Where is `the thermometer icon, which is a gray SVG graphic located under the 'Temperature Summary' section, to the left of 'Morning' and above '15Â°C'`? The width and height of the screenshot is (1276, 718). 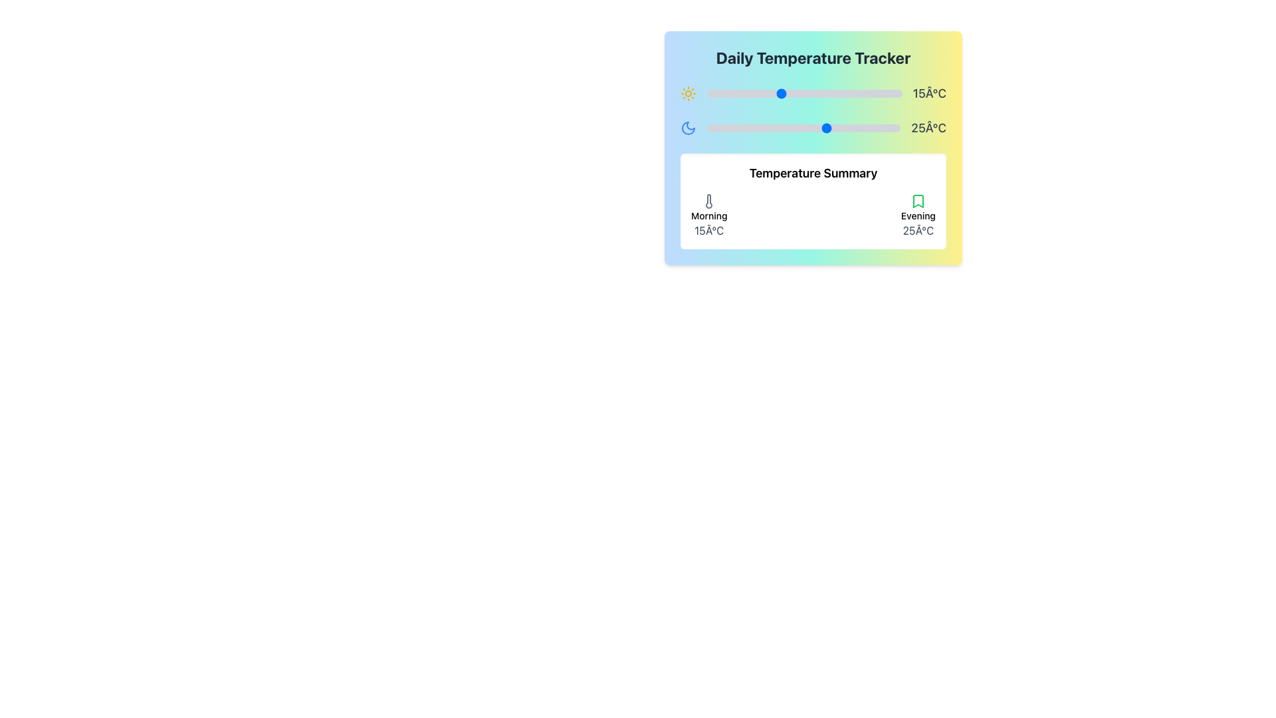 the thermometer icon, which is a gray SVG graphic located under the 'Temperature Summary' section, to the left of 'Morning' and above '15Â°C' is located at coordinates (708, 201).